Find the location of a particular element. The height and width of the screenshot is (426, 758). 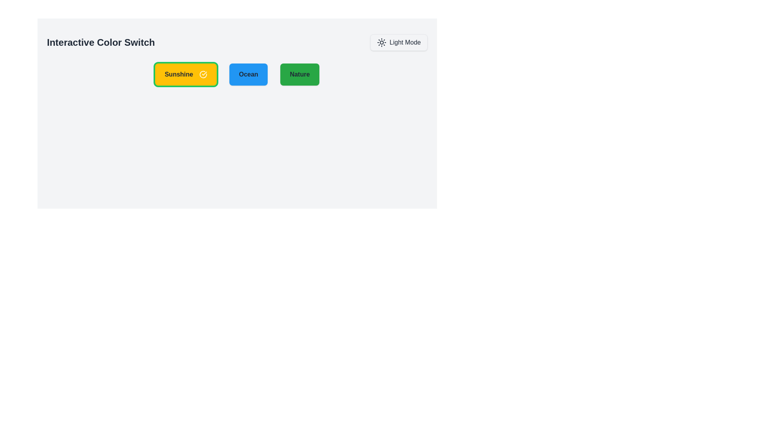

the button labeled 'Ocean', which has a vibrant blue background and is positioned between the 'Sunshine' and 'Nature' buttons is located at coordinates (248, 75).